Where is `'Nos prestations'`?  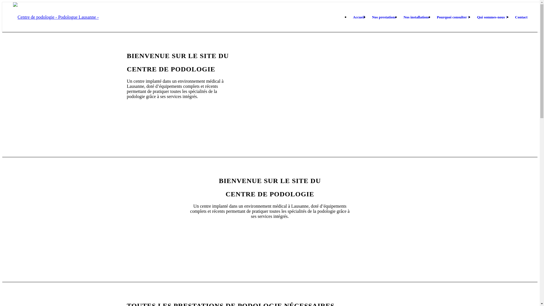 'Nos prestations' is located at coordinates (368, 17).